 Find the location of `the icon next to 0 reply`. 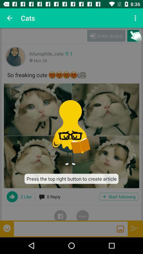

the icon next to 0 reply is located at coordinates (119, 196).